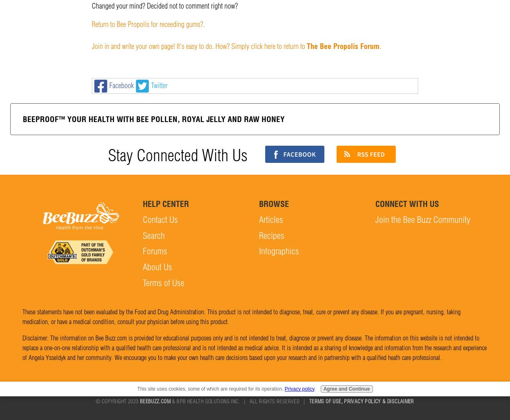  What do you see at coordinates (259, 251) in the screenshot?
I see `'Infographics'` at bounding box center [259, 251].